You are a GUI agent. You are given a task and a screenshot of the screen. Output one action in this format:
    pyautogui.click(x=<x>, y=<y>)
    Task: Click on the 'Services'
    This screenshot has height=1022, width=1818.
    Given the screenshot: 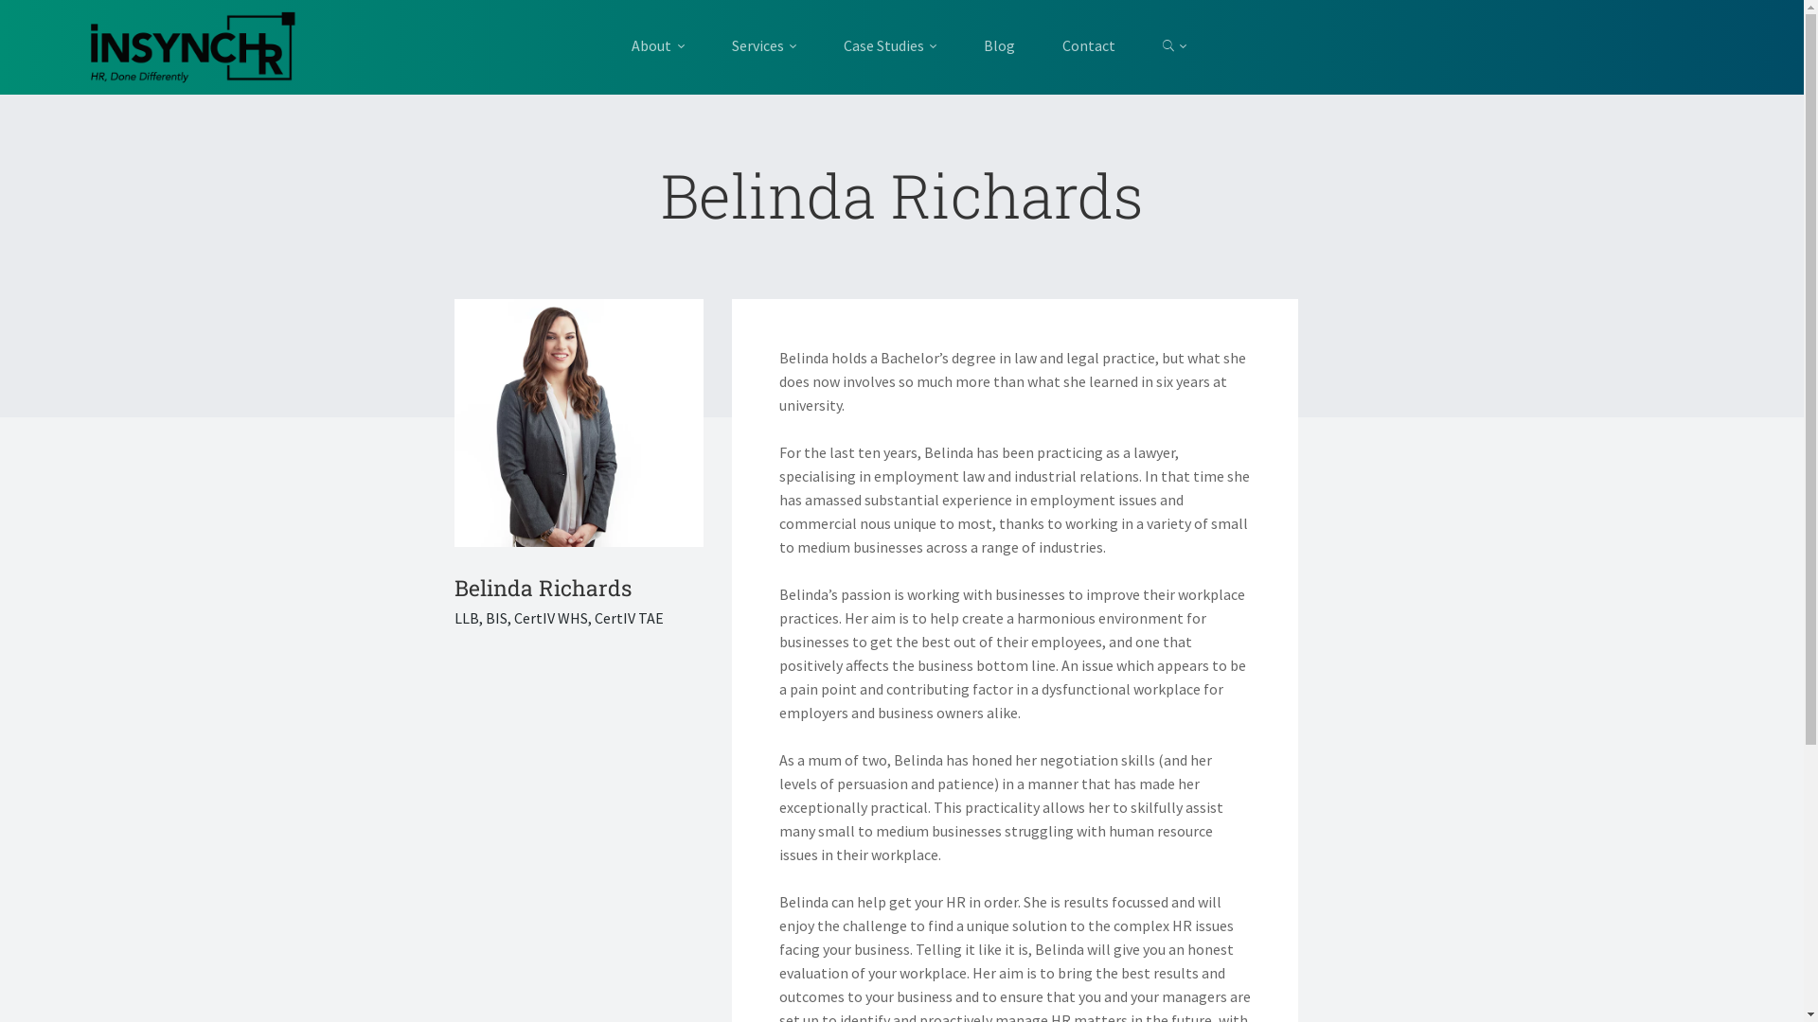 What is the action you would take?
    pyautogui.click(x=763, y=44)
    